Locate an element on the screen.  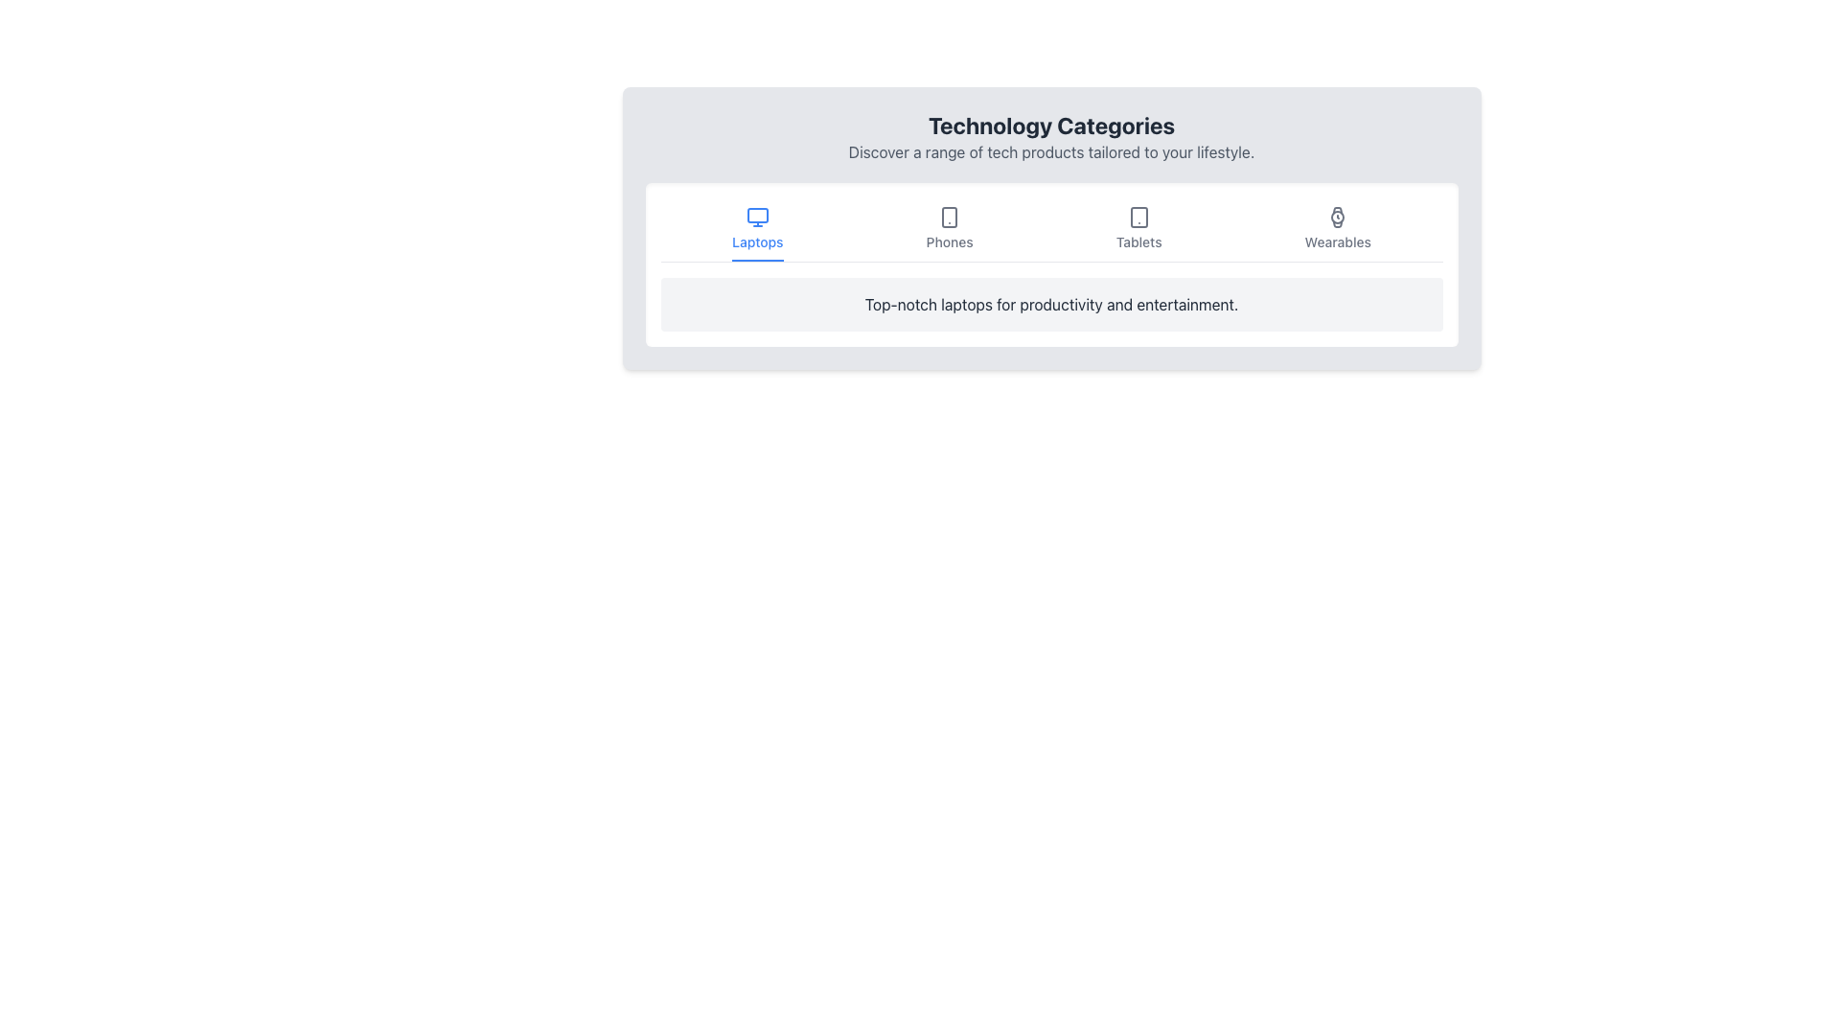
the header section titled 'Technology Categories' to trigger potential UI effects is located at coordinates (1050, 135).